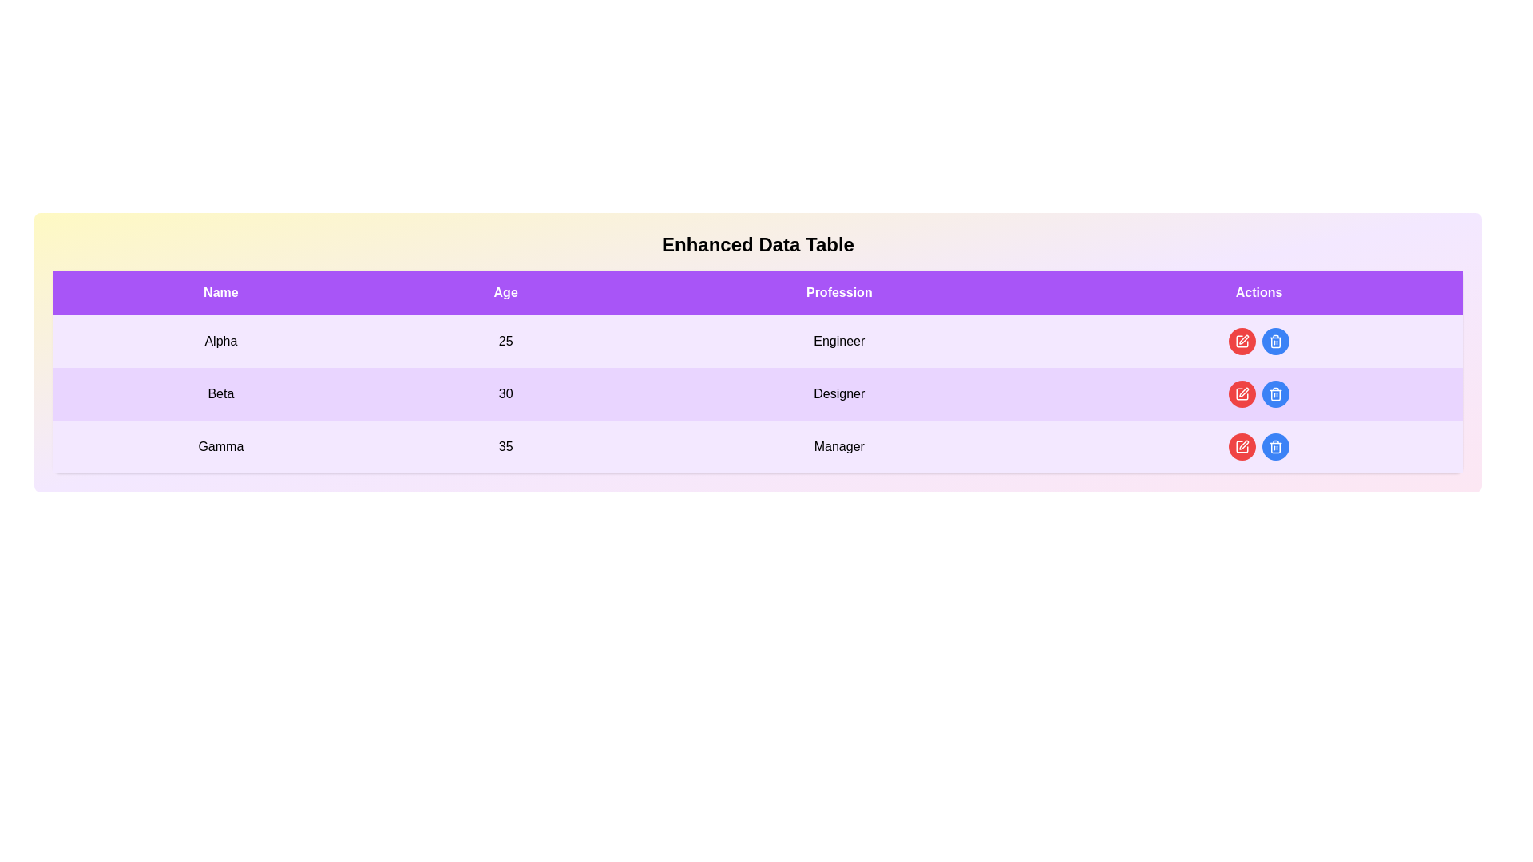 Image resolution: width=1533 pixels, height=862 pixels. Describe the element at coordinates (505, 292) in the screenshot. I see `the Age header to sort the table by that column` at that location.